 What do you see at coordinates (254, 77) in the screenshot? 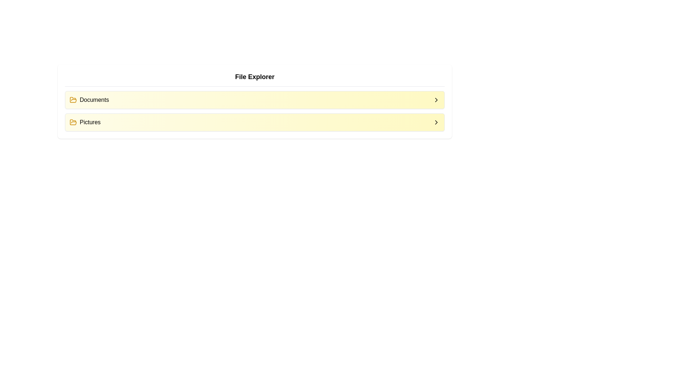
I see `the Text label heading located at the top of the section, which indicates the content context for 'Documents' and 'Pictures'` at bounding box center [254, 77].